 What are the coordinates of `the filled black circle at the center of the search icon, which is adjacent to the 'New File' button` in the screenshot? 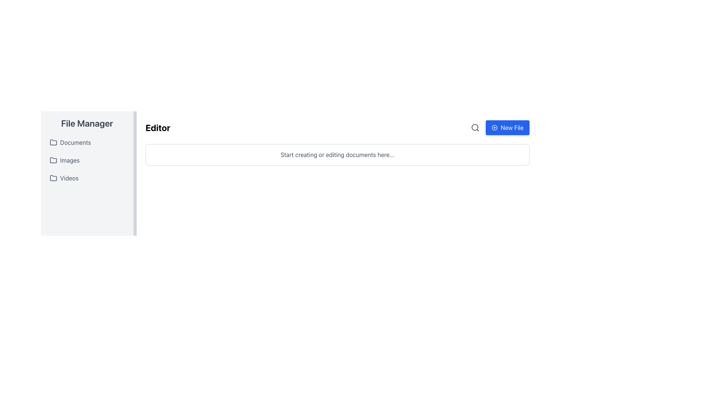 It's located at (475, 127).